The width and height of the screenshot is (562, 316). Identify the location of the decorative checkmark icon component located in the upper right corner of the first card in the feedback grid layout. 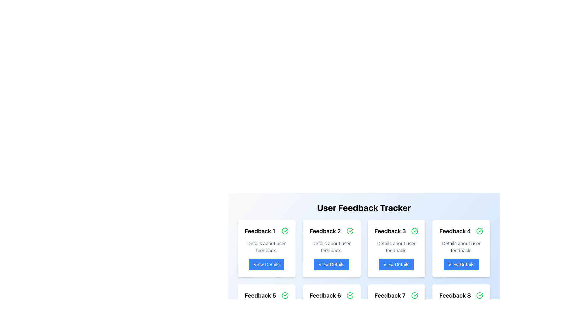
(285, 231).